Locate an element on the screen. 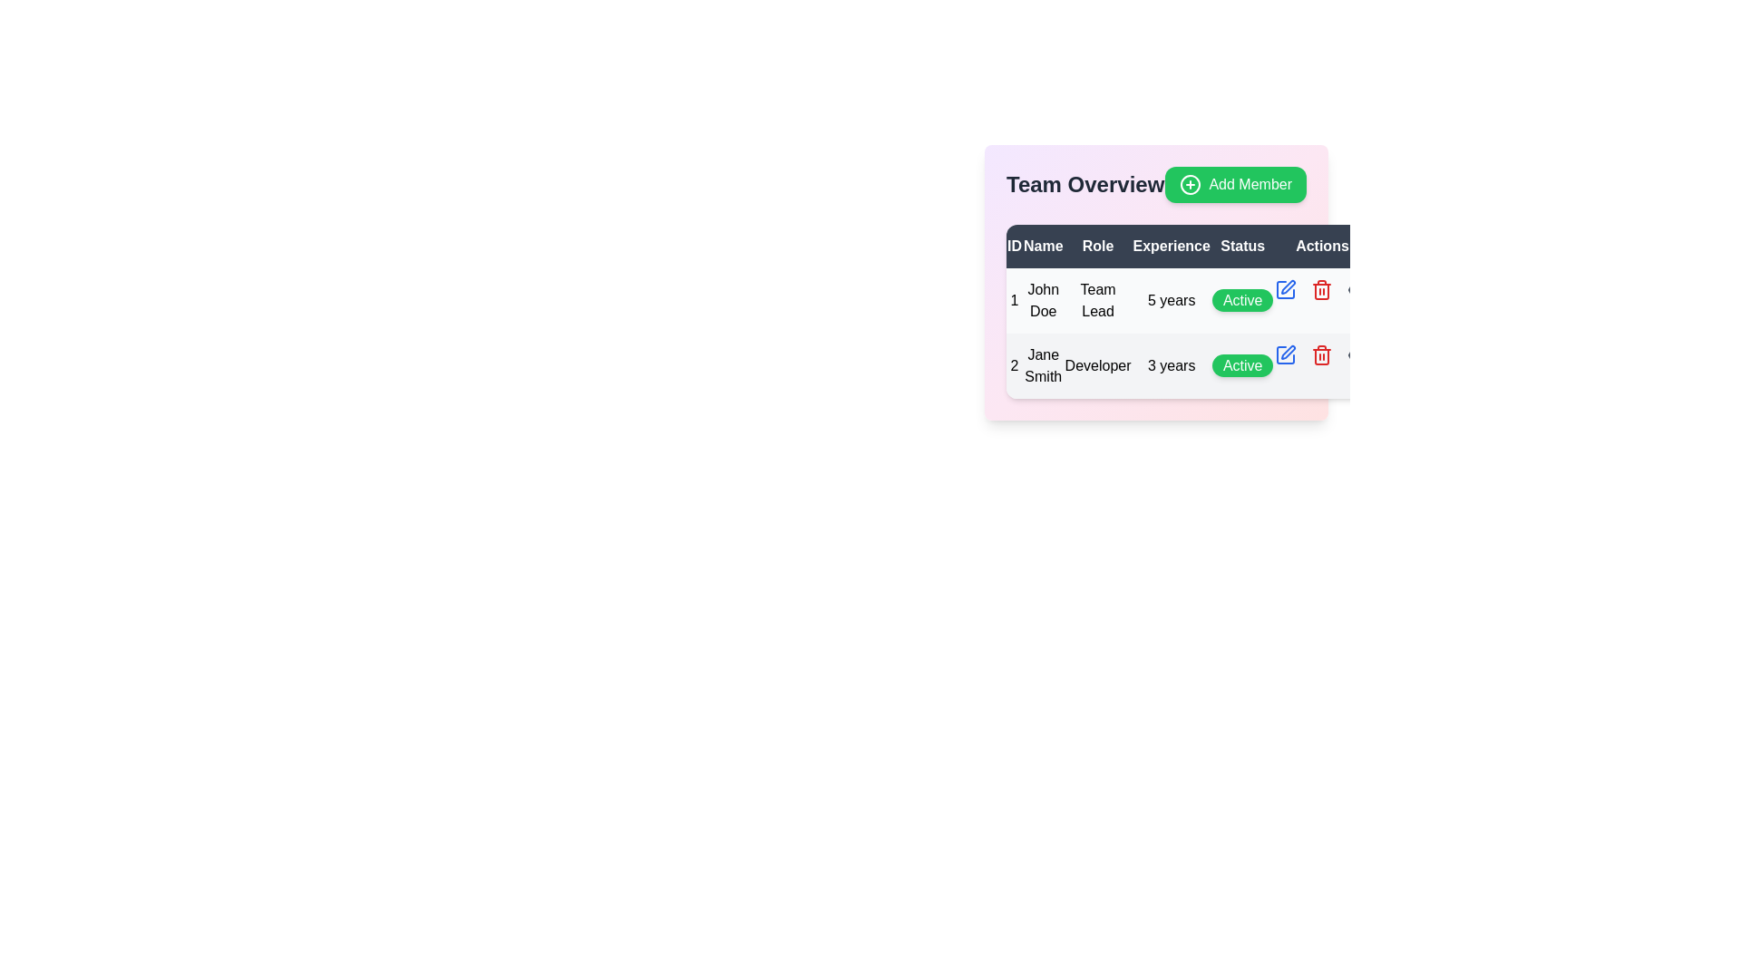  the vertical bar icon of the red trash can is located at coordinates (1322, 356).